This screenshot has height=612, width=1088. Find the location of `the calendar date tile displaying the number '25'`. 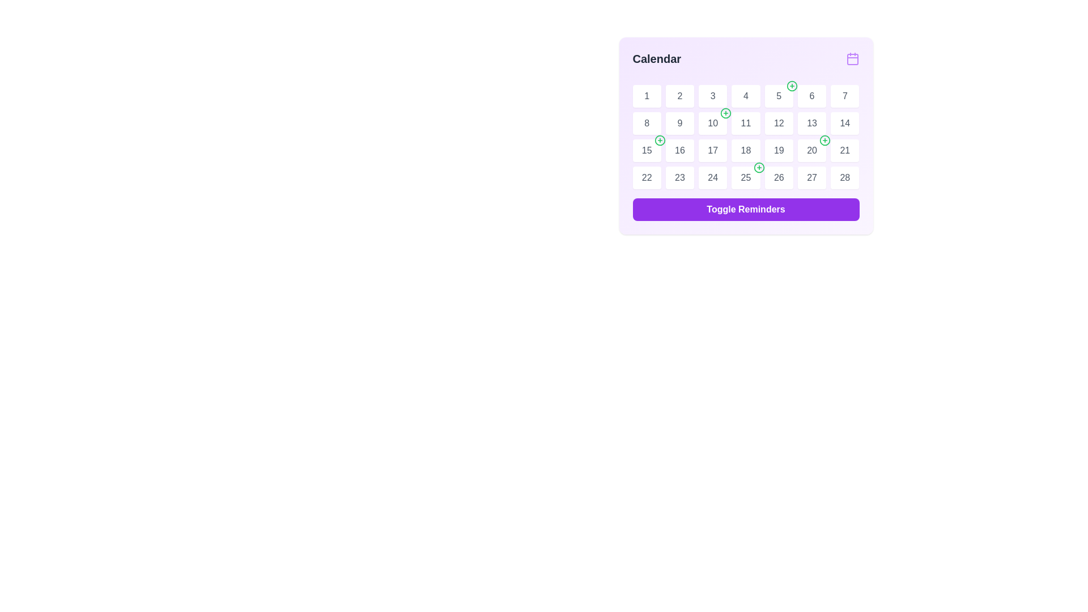

the calendar date tile displaying the number '25' is located at coordinates (746, 177).